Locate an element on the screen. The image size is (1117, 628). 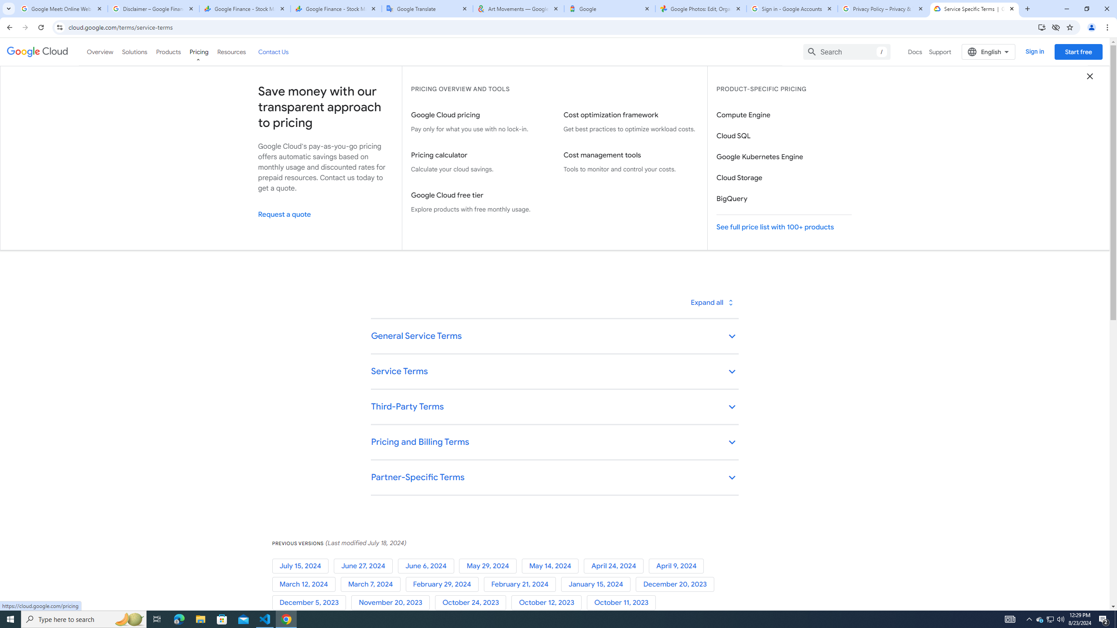
'Partner-Specific Terms keyboard_arrow_down' is located at coordinates (555, 478).